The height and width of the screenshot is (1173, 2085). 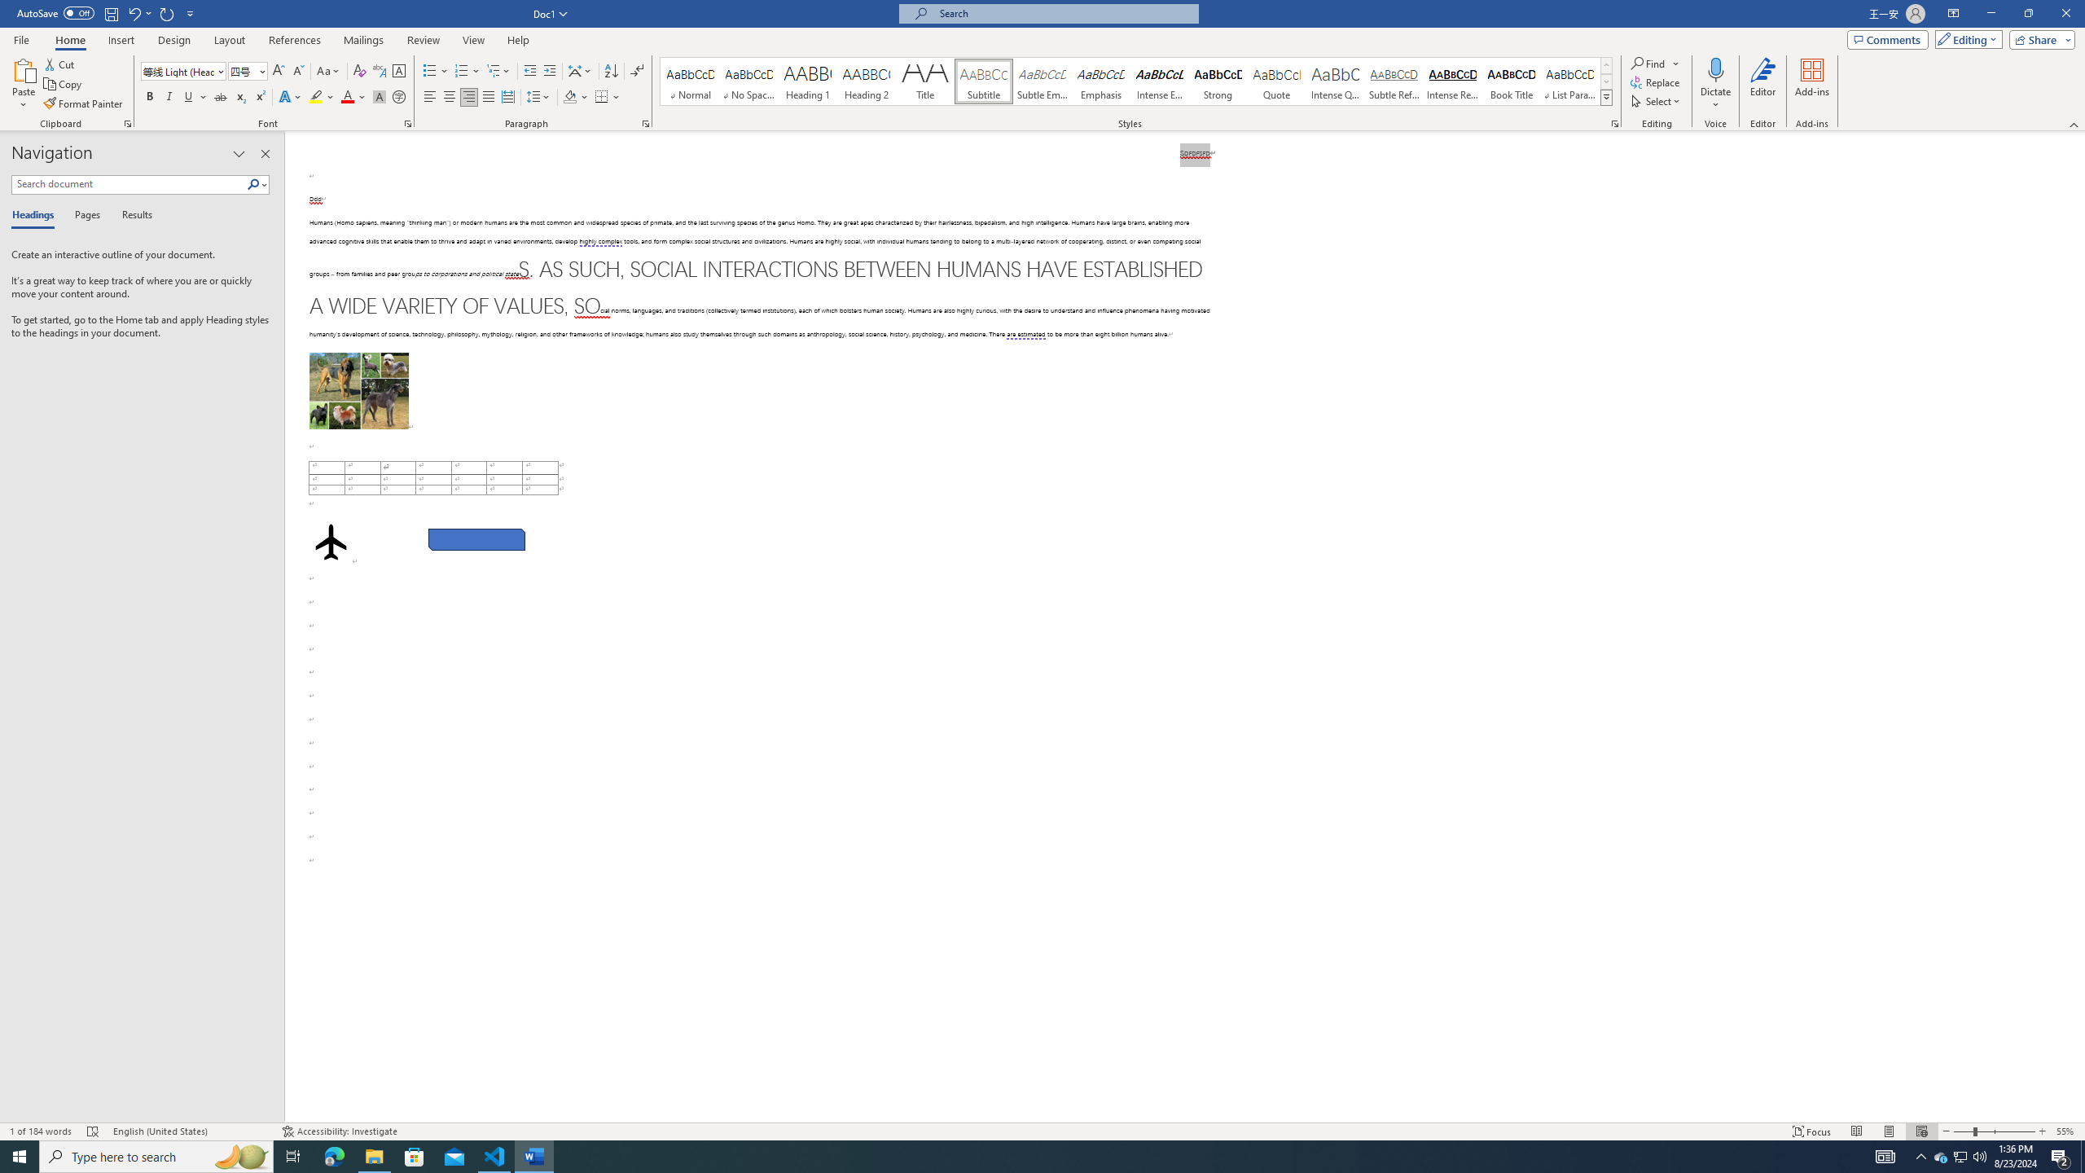 I want to click on 'Styles...', so click(x=1613, y=122).